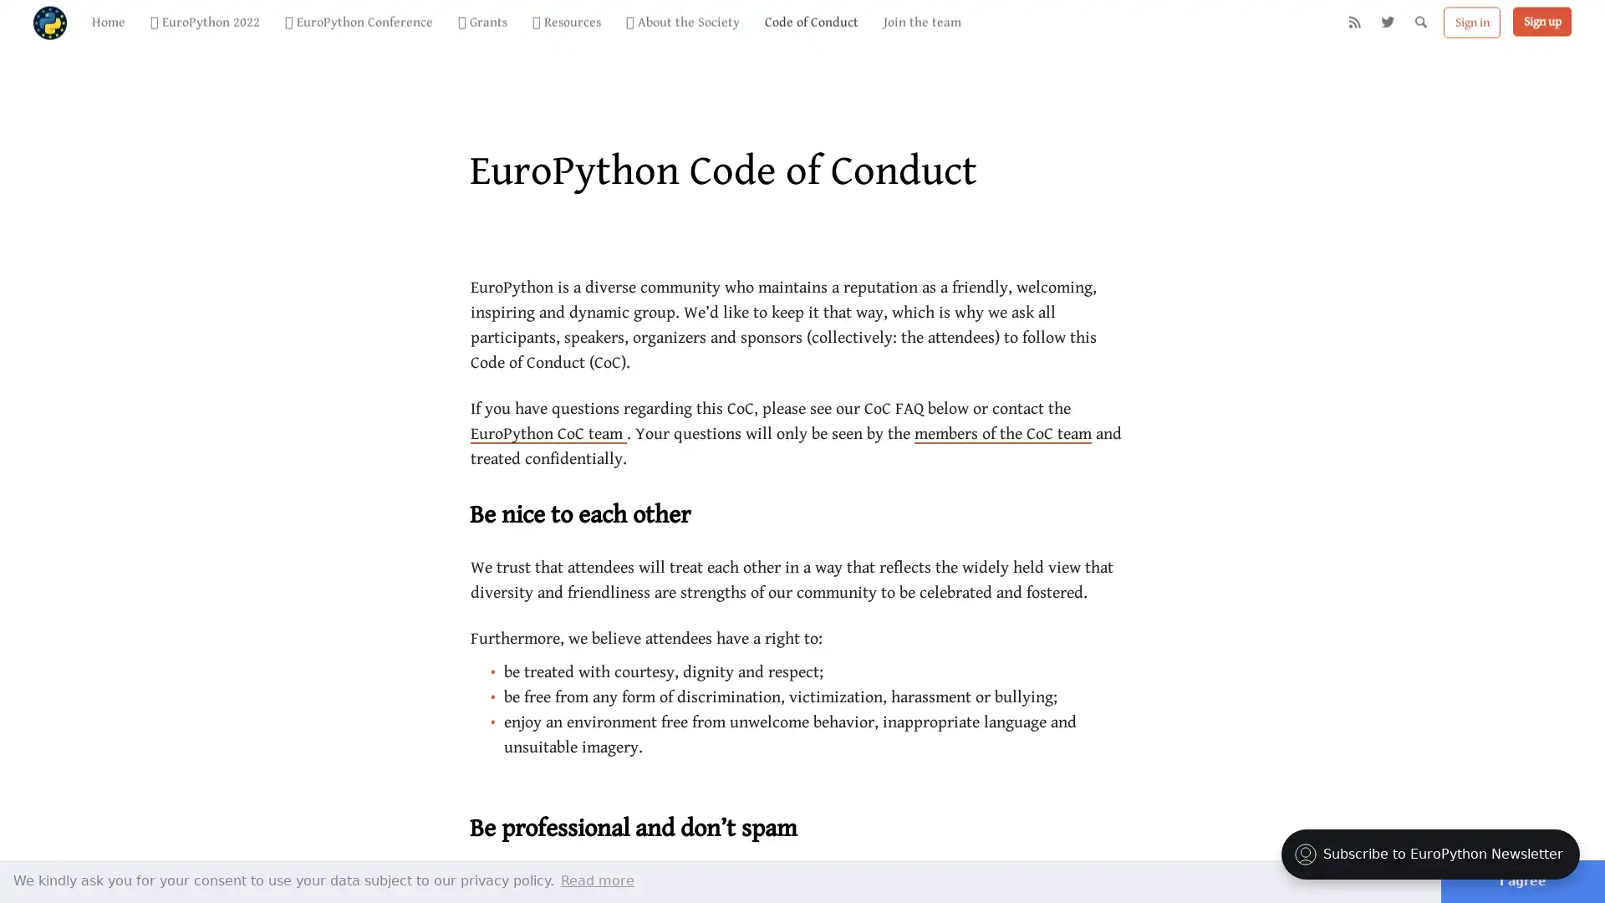 This screenshot has height=903, width=1605. I want to click on Sign up, so click(1541, 32).